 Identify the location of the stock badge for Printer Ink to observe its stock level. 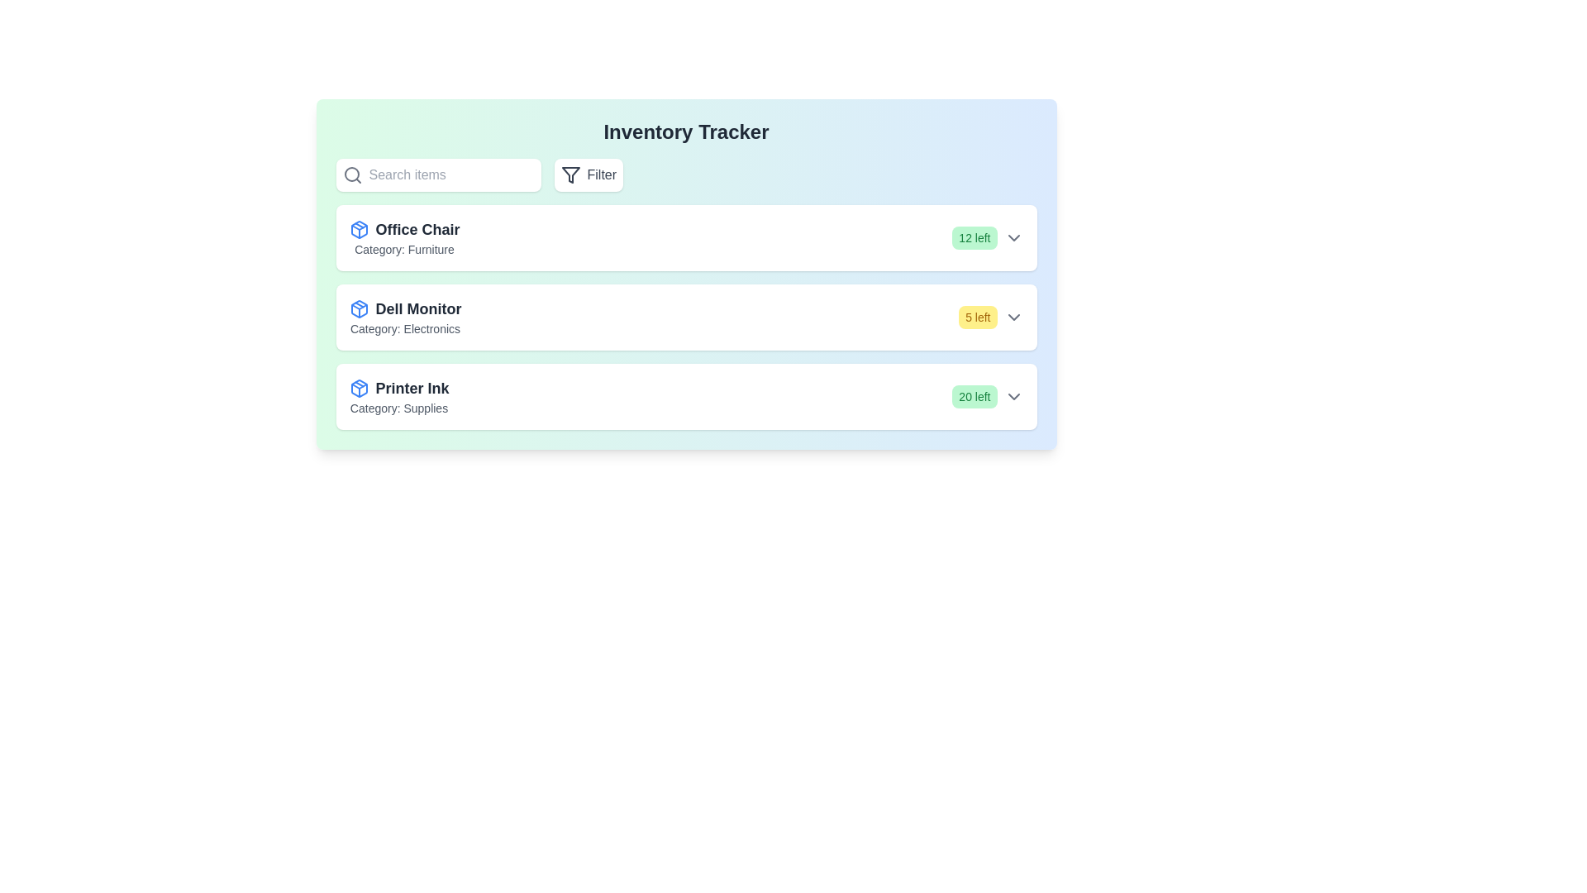
(975, 396).